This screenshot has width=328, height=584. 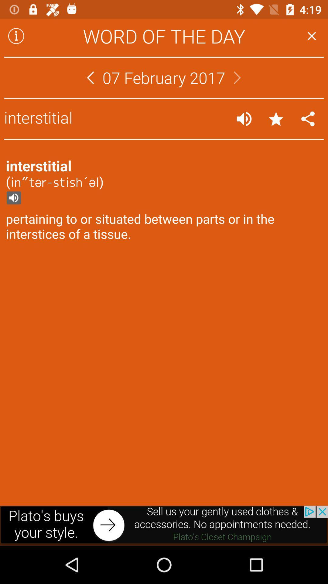 I want to click on to favourites, so click(x=276, y=119).